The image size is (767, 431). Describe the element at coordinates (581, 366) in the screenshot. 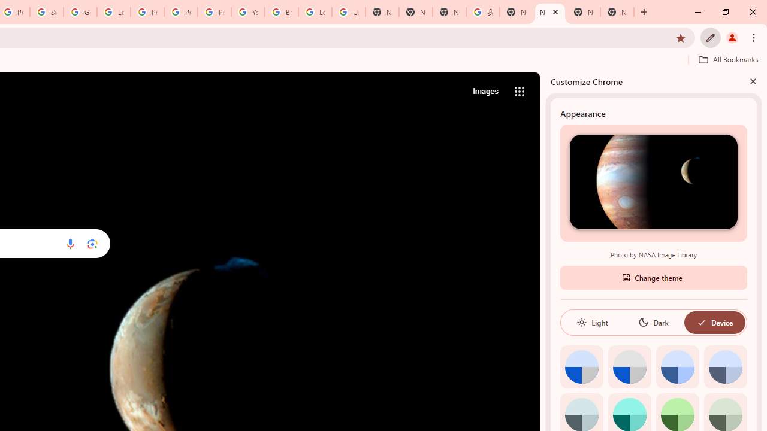

I see `'Default color'` at that location.